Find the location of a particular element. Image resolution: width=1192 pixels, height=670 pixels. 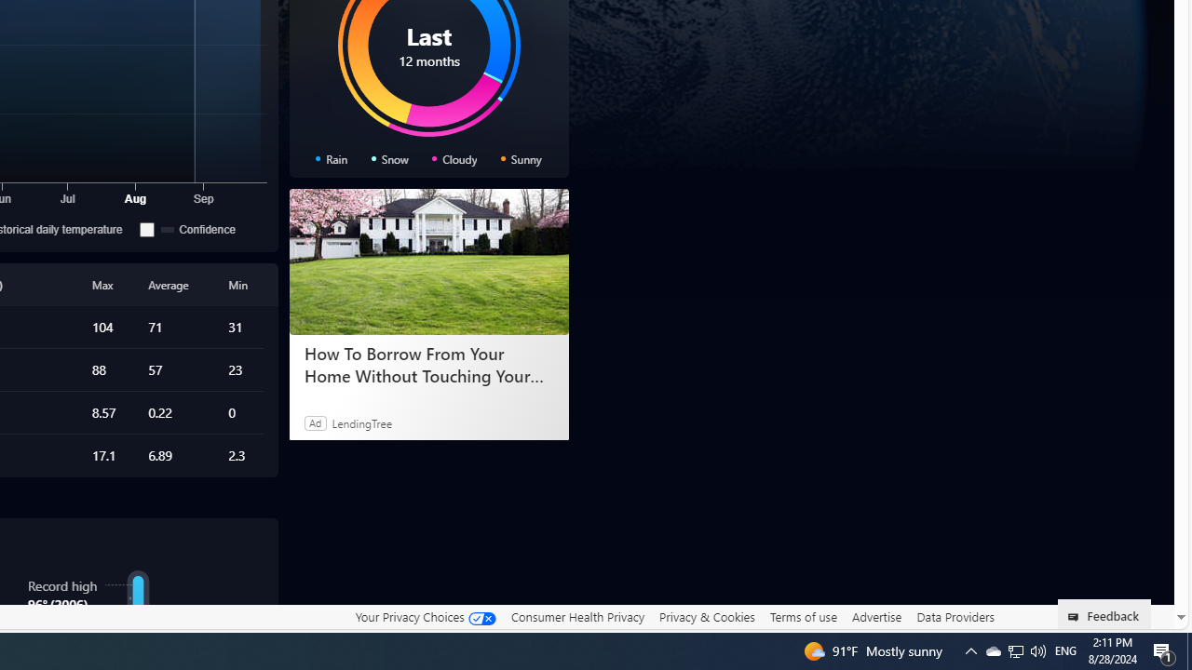

'Advertise' is located at coordinates (875, 617).